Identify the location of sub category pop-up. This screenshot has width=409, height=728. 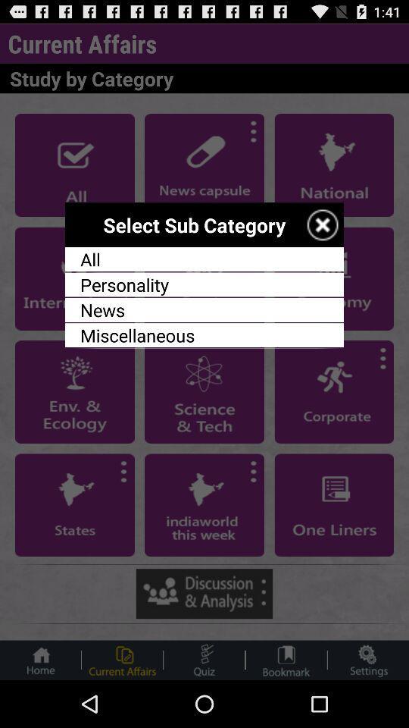
(322, 224).